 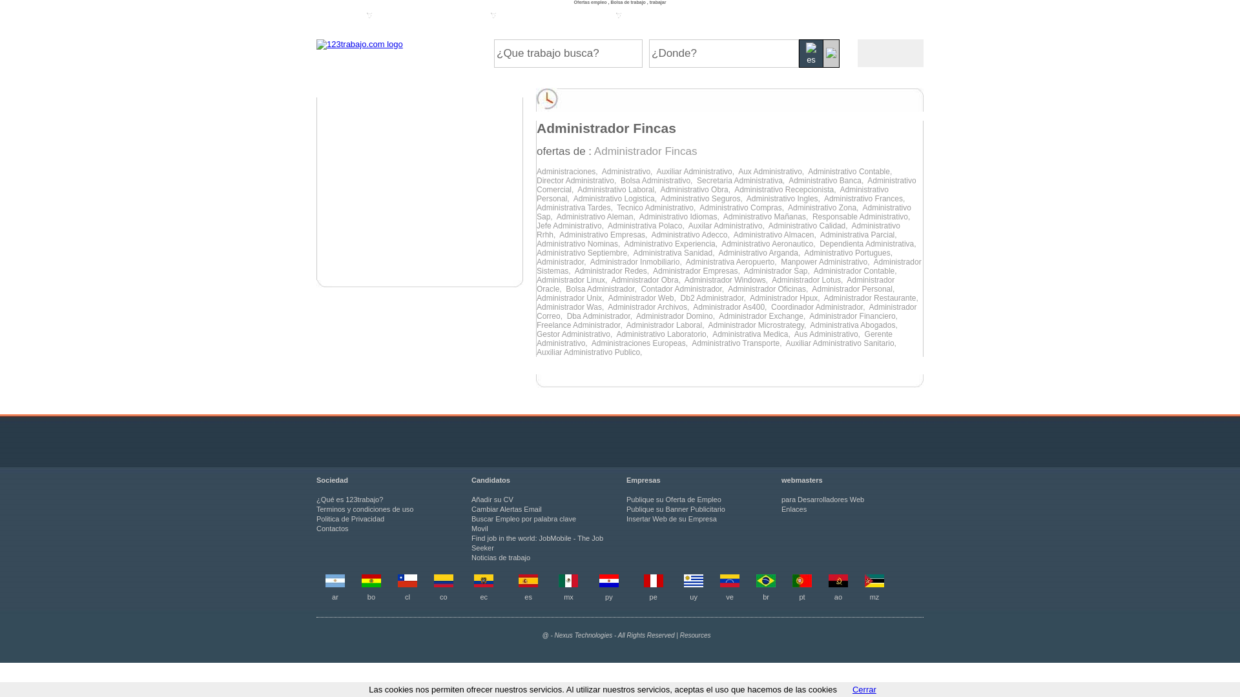 I want to click on 'ec', so click(x=482, y=597).